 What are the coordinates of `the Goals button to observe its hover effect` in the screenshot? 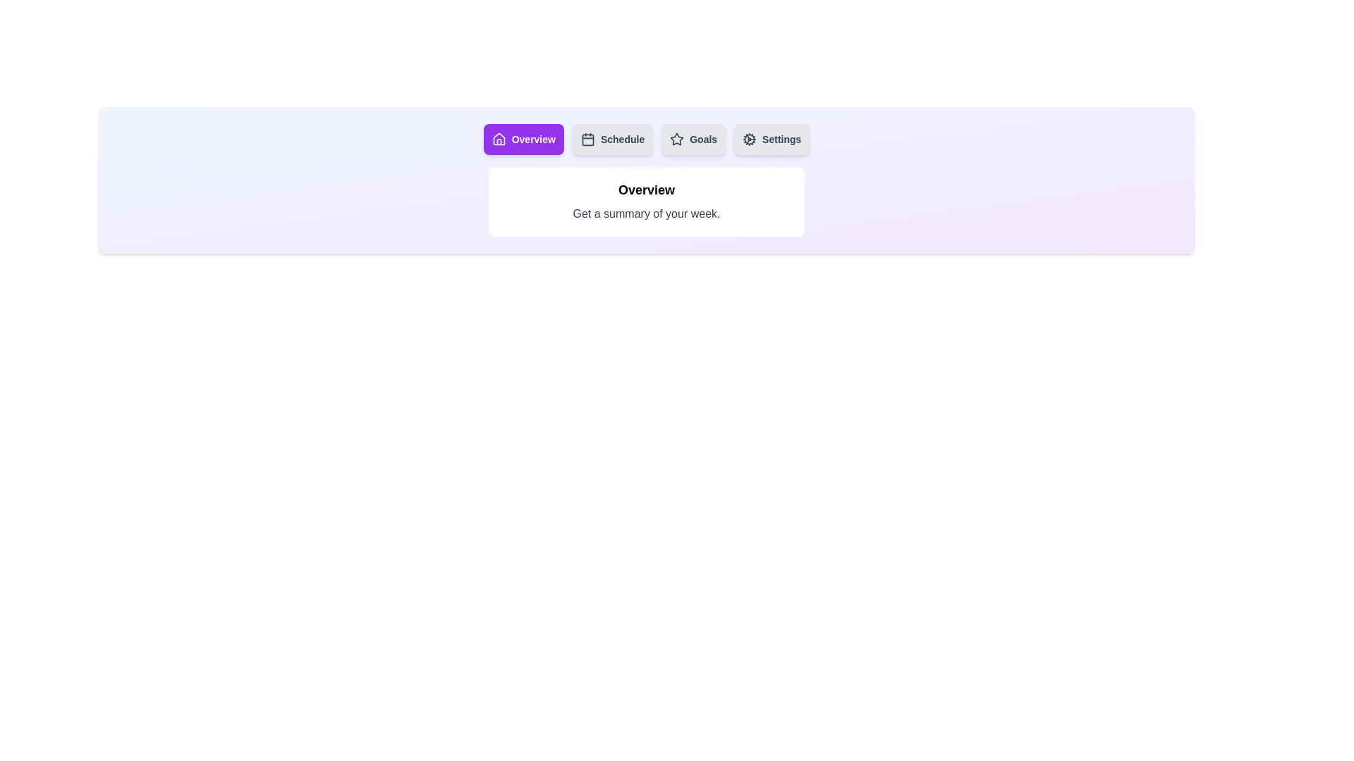 It's located at (693, 139).